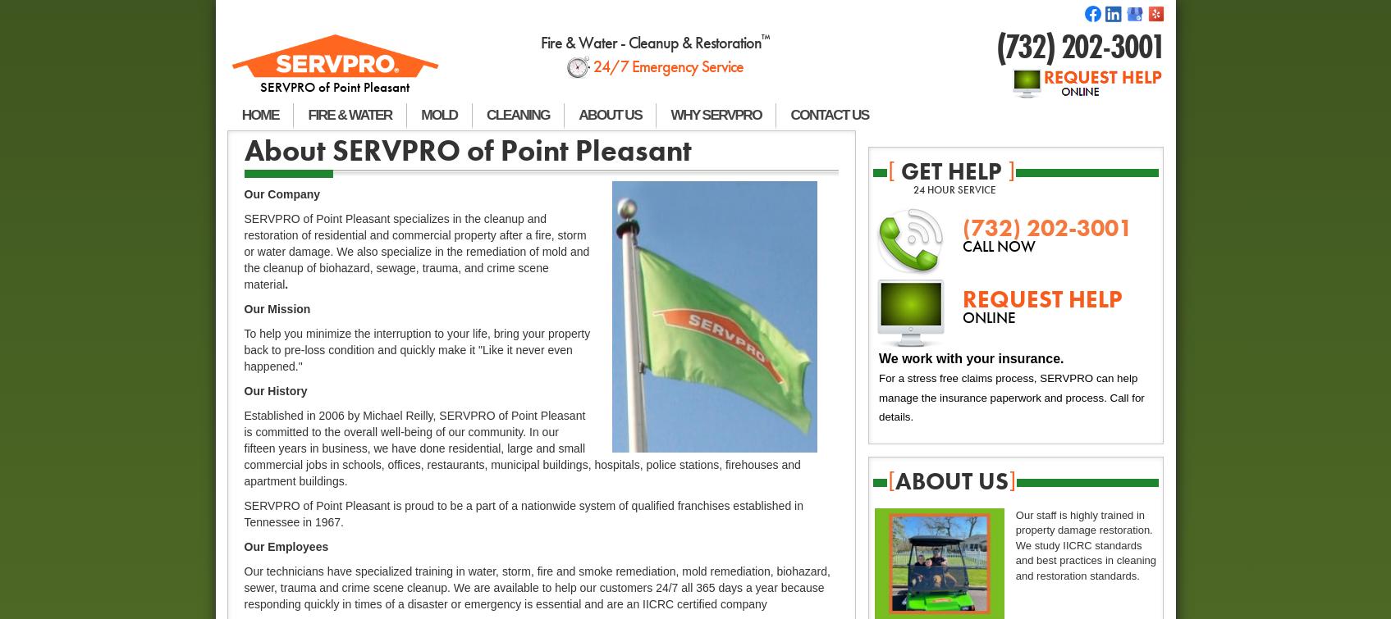 This screenshot has width=1391, height=619. What do you see at coordinates (241, 114) in the screenshot?
I see `'HOME'` at bounding box center [241, 114].